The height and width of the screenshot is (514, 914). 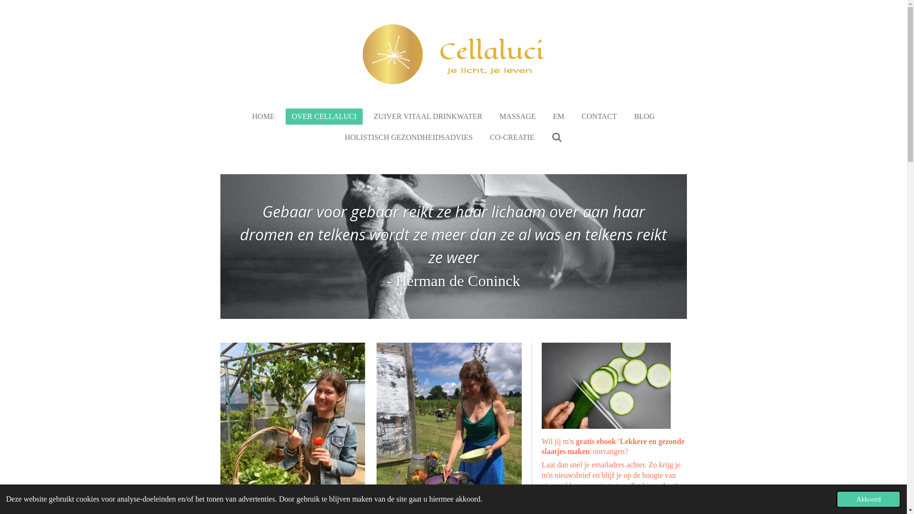 What do you see at coordinates (644, 116) in the screenshot?
I see `'BLOG'` at bounding box center [644, 116].